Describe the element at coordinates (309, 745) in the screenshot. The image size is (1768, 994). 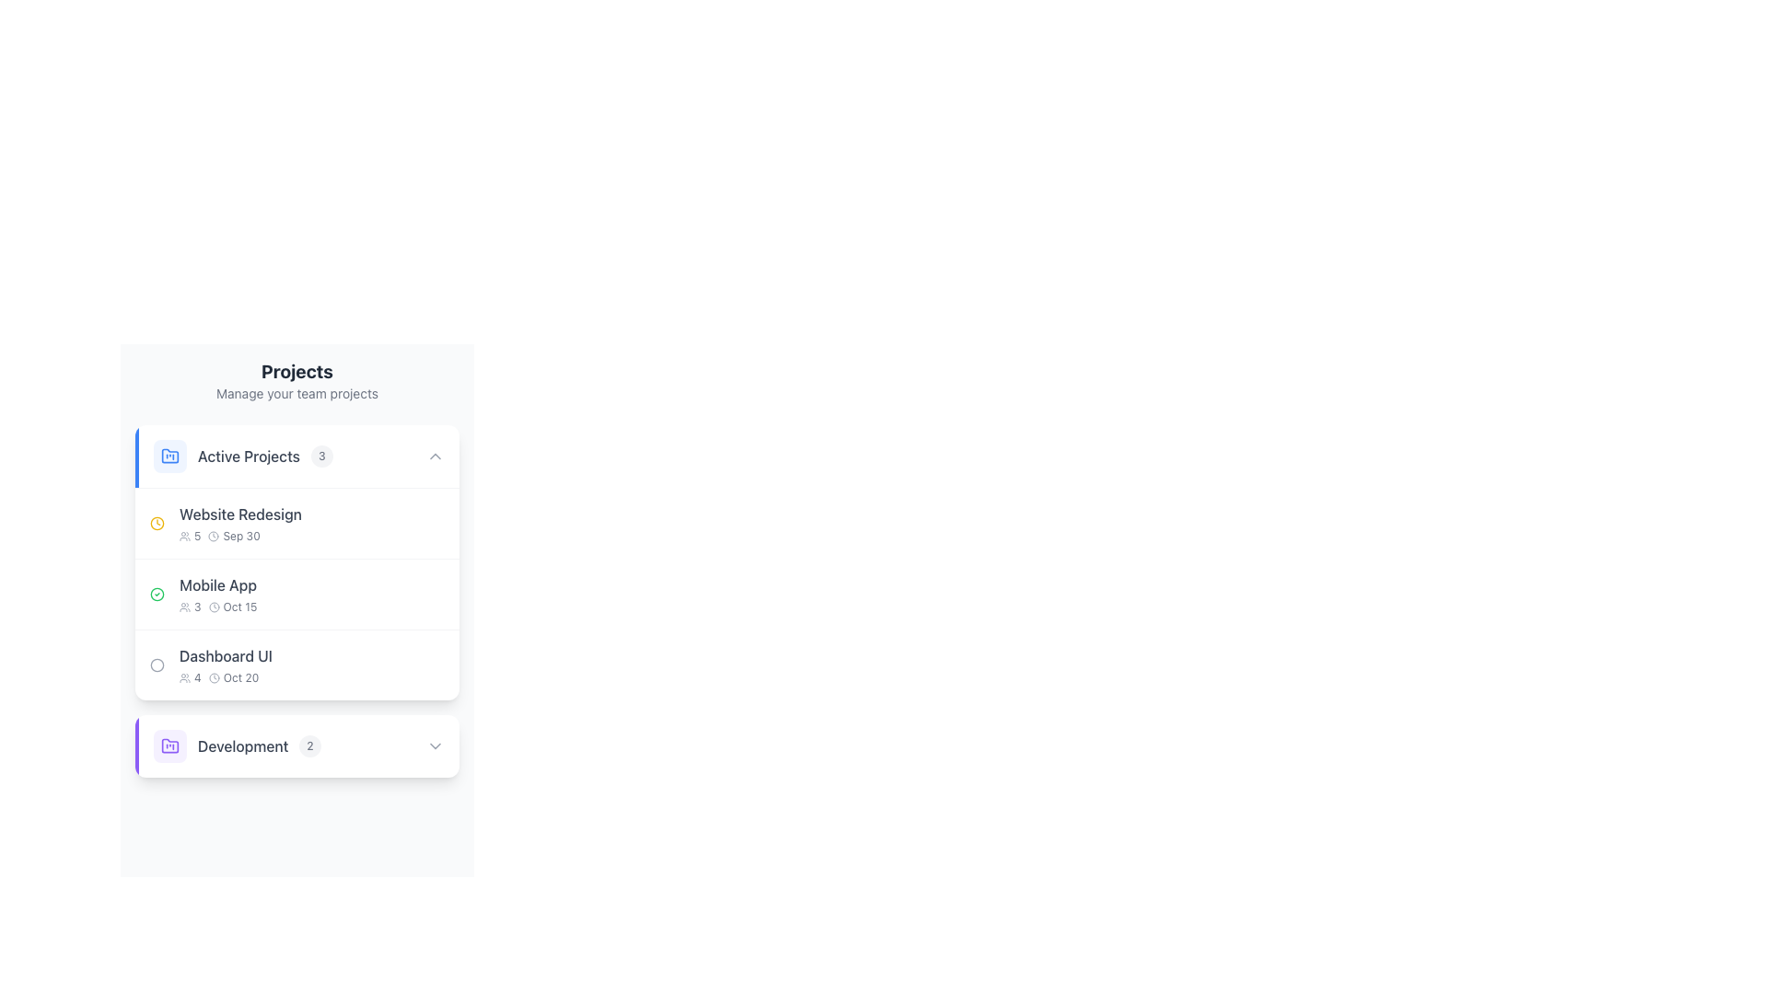
I see `the badge displaying the number '2' with a light gray background, located in the 'Development' section of the project list` at that location.